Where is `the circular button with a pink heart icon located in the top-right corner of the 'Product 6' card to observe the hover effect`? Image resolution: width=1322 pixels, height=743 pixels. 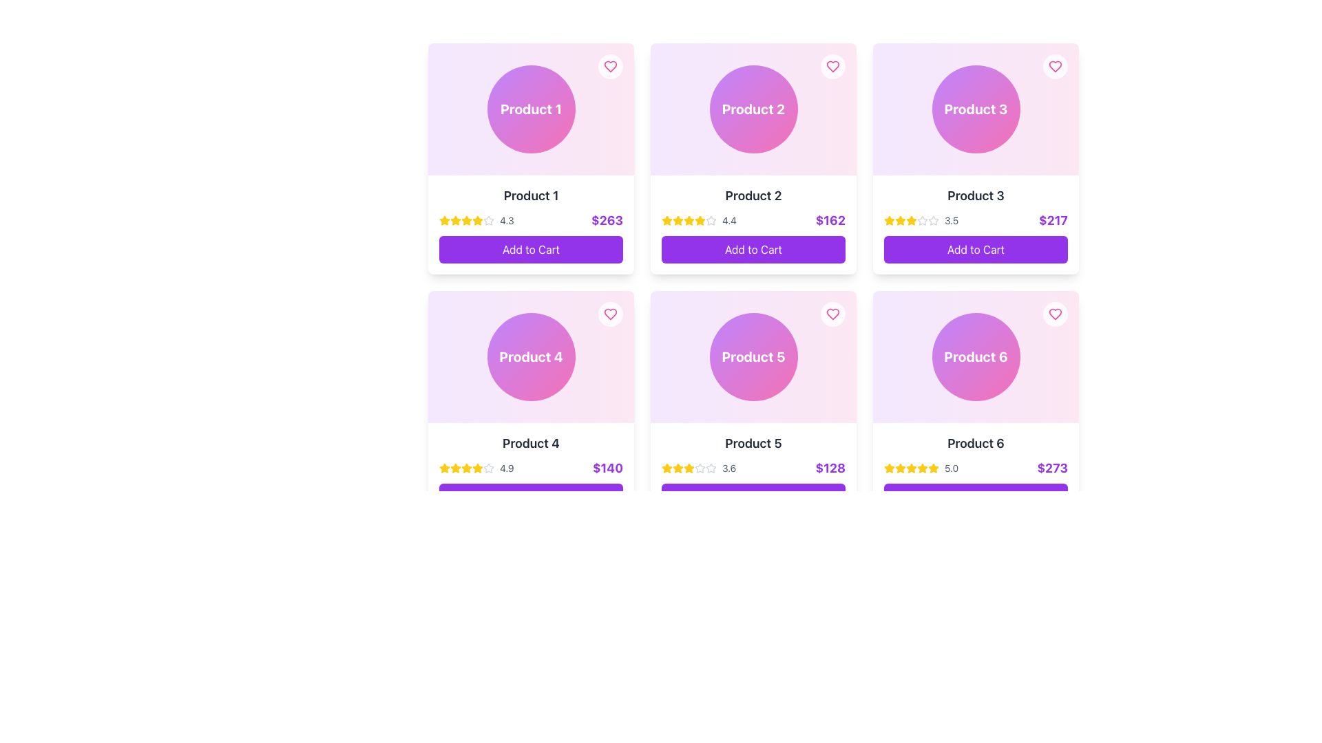
the circular button with a pink heart icon located in the top-right corner of the 'Product 6' card to observe the hover effect is located at coordinates (1054, 314).